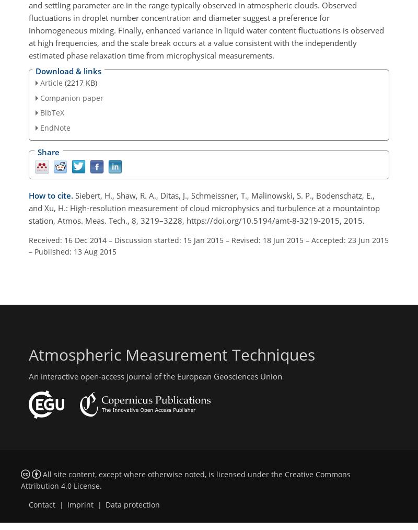 Image resolution: width=418 pixels, height=530 pixels. I want to click on 'BibTeX', so click(52, 112).